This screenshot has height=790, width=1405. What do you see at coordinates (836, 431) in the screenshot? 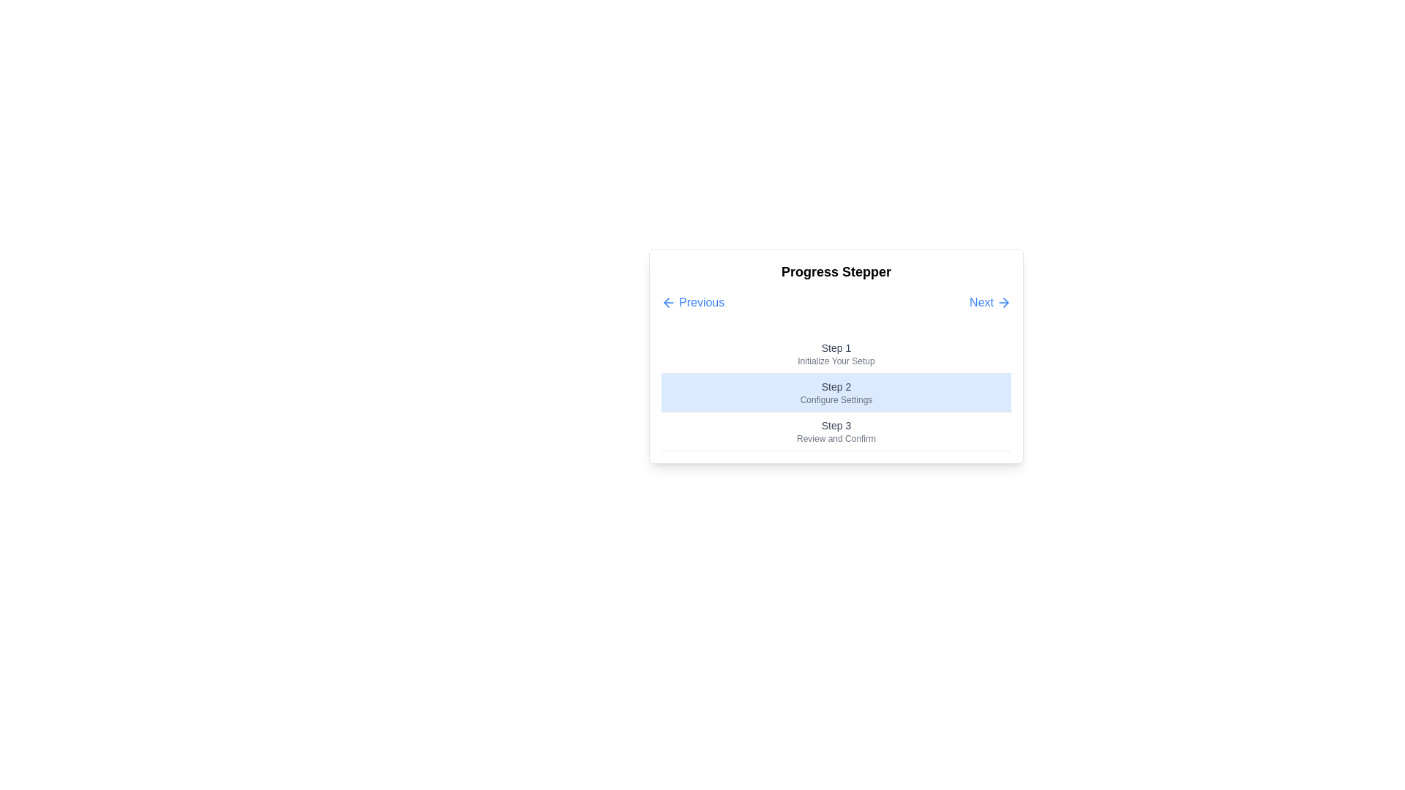
I see `the textual step indicator labeled 'Step 3' in the Progress Stepper, which contains the text 'Review and Confirm'` at bounding box center [836, 431].